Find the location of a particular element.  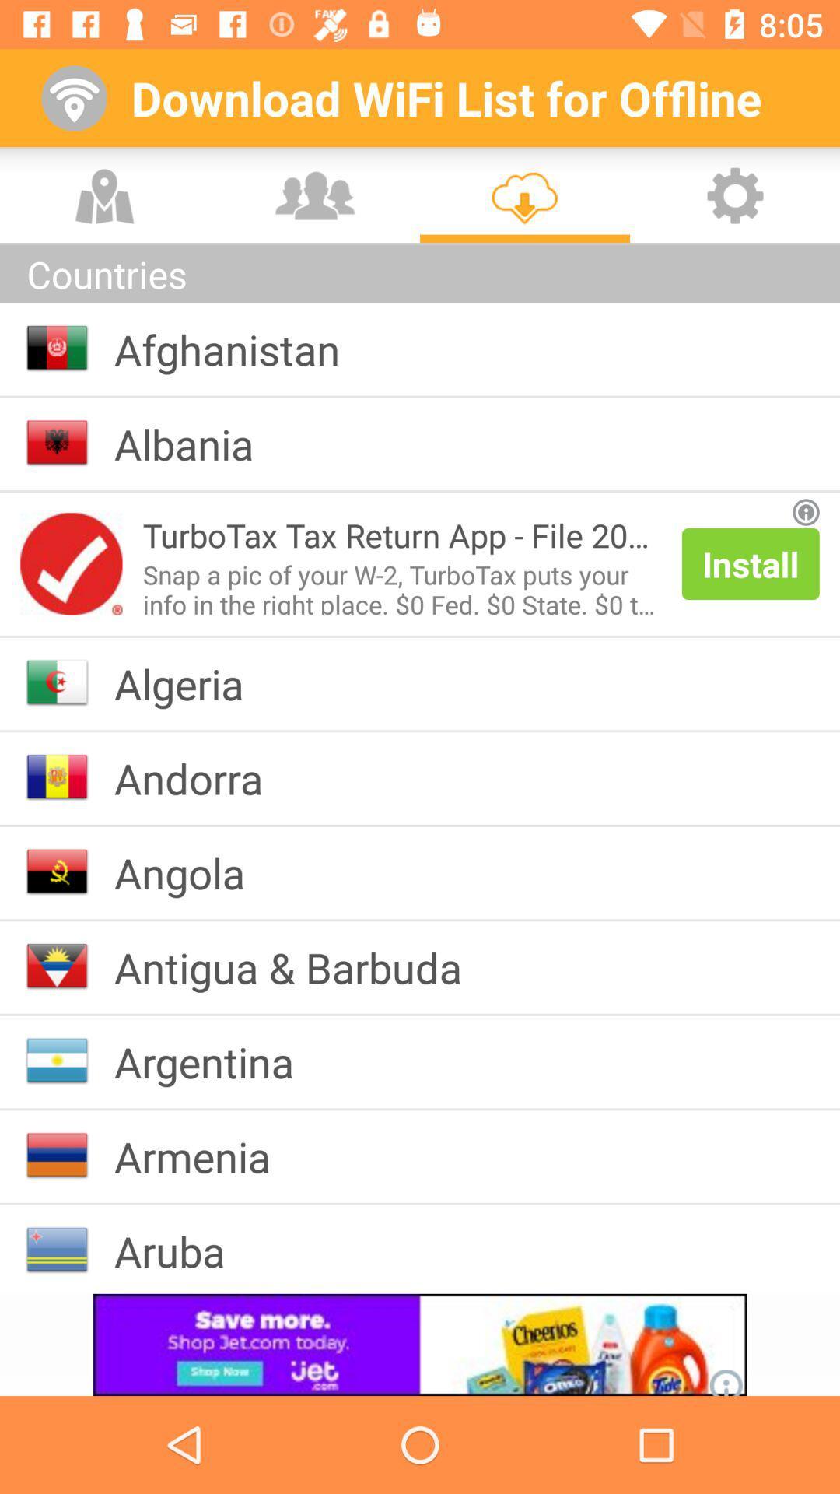

the item below andorra app is located at coordinates (191, 872).